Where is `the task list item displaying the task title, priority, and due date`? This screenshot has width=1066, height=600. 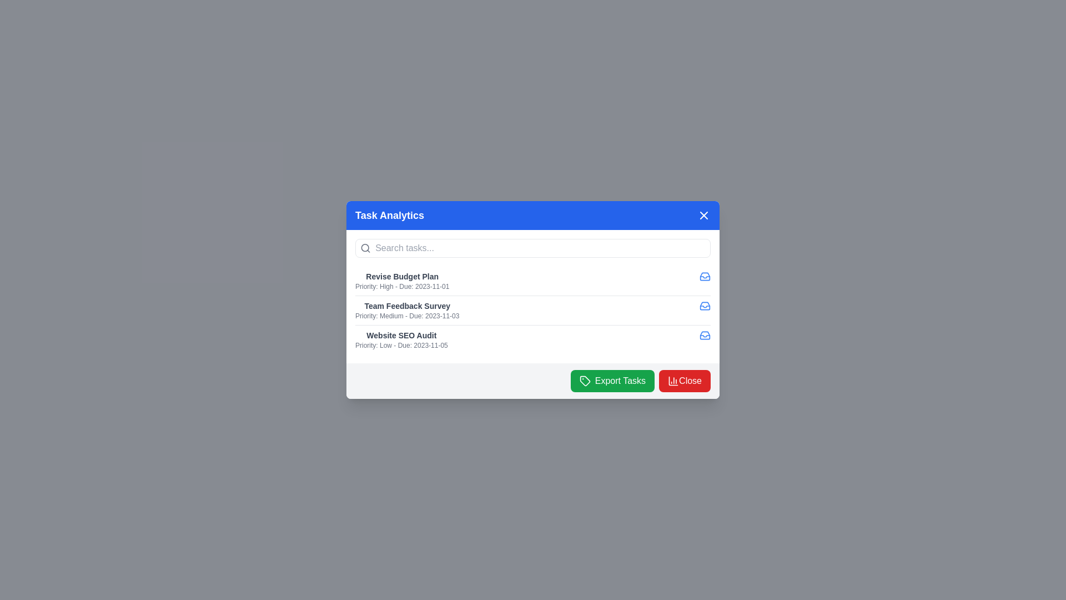
the task list item displaying the task title, priority, and due date is located at coordinates (406, 311).